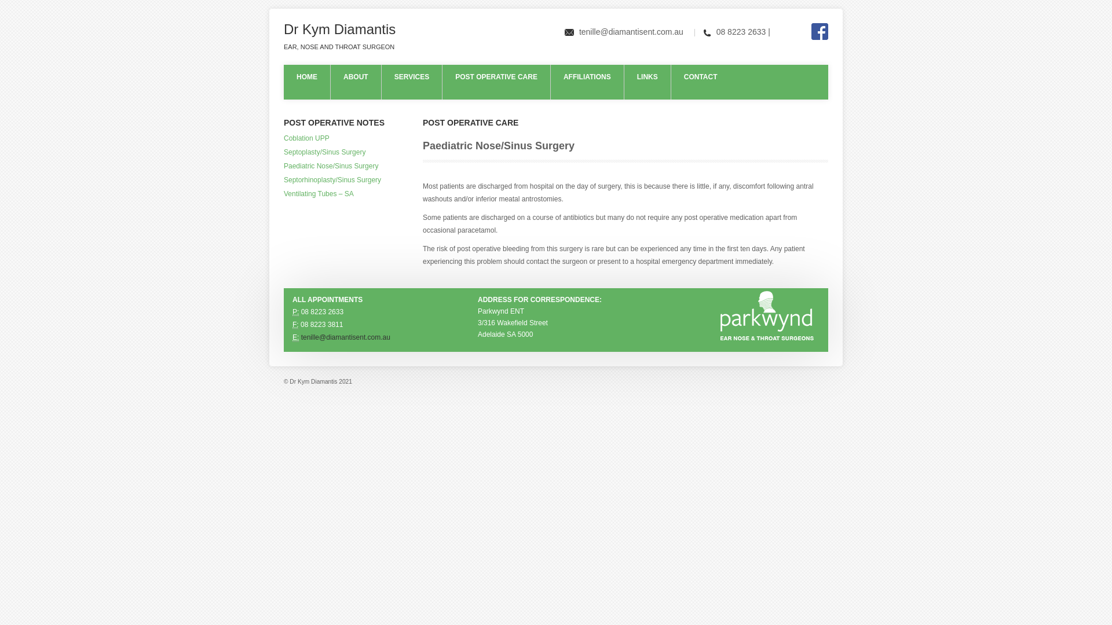 This screenshot has height=625, width=1112. I want to click on 'tenille@diamantisent.com.au', so click(630, 31).